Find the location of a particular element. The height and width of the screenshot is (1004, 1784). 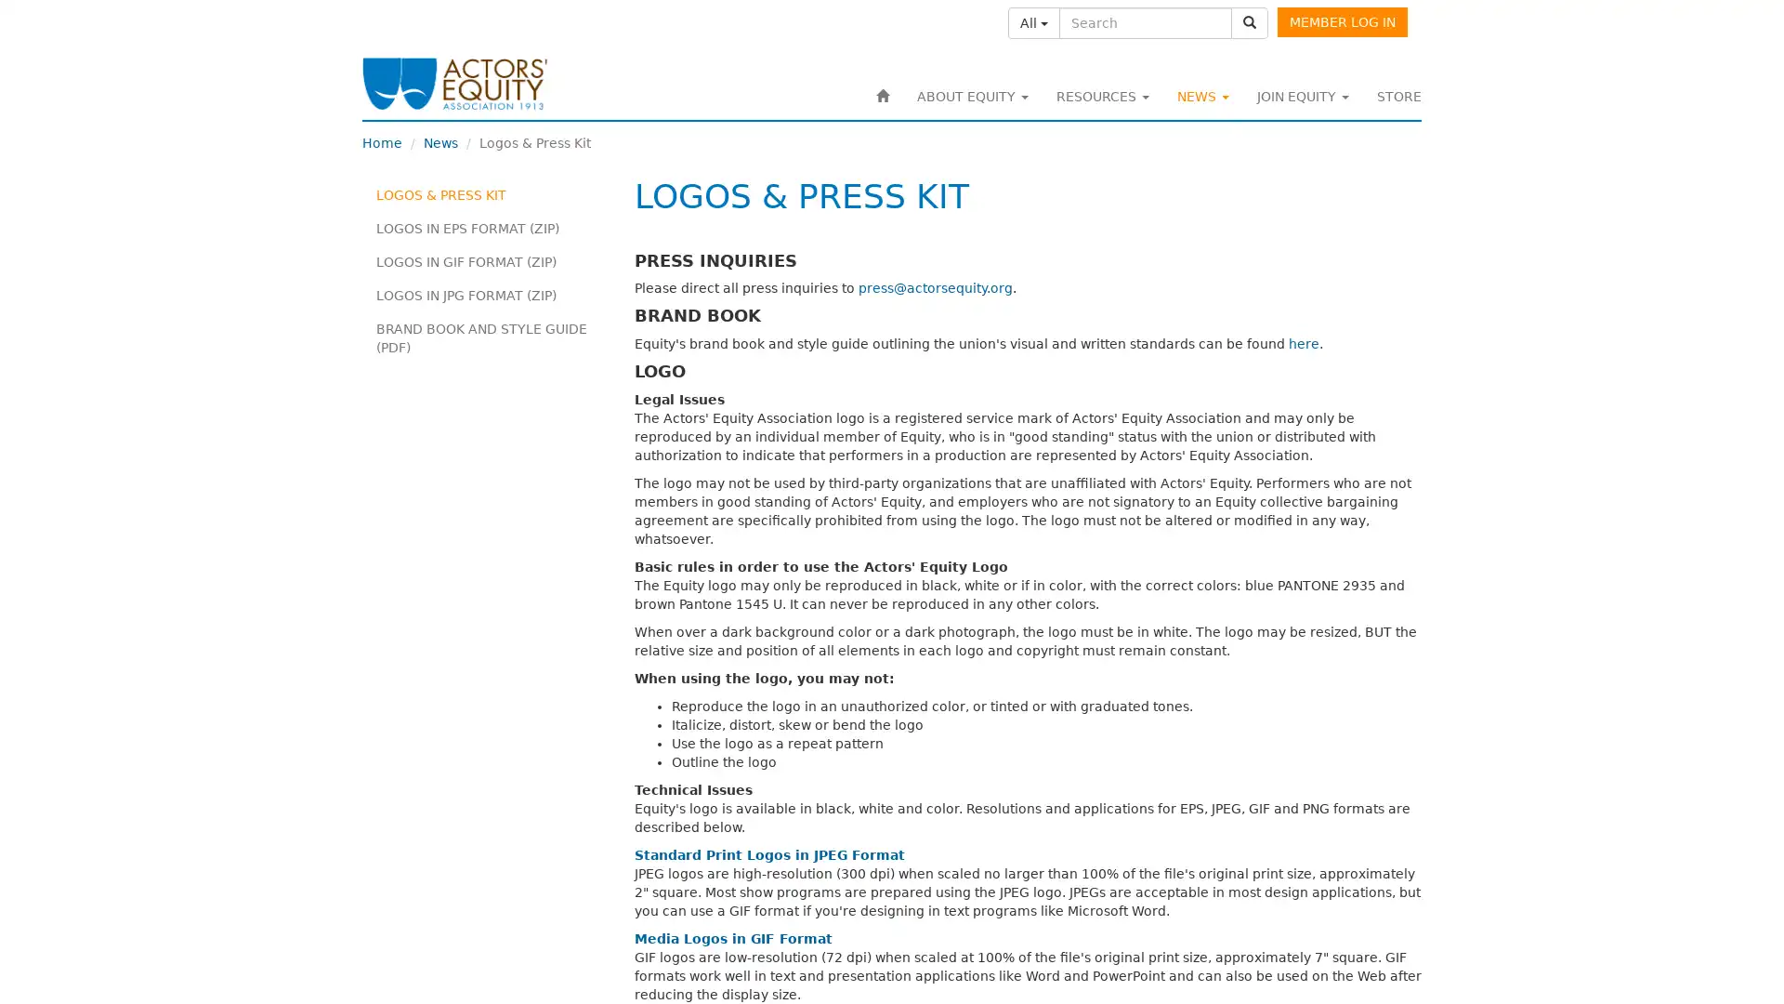

NEWS is located at coordinates (1203, 97).